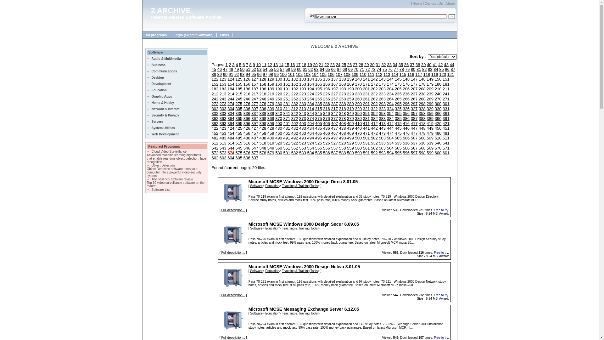  Describe the element at coordinates (318, 138) in the screenshot. I see `'495'` at that location.